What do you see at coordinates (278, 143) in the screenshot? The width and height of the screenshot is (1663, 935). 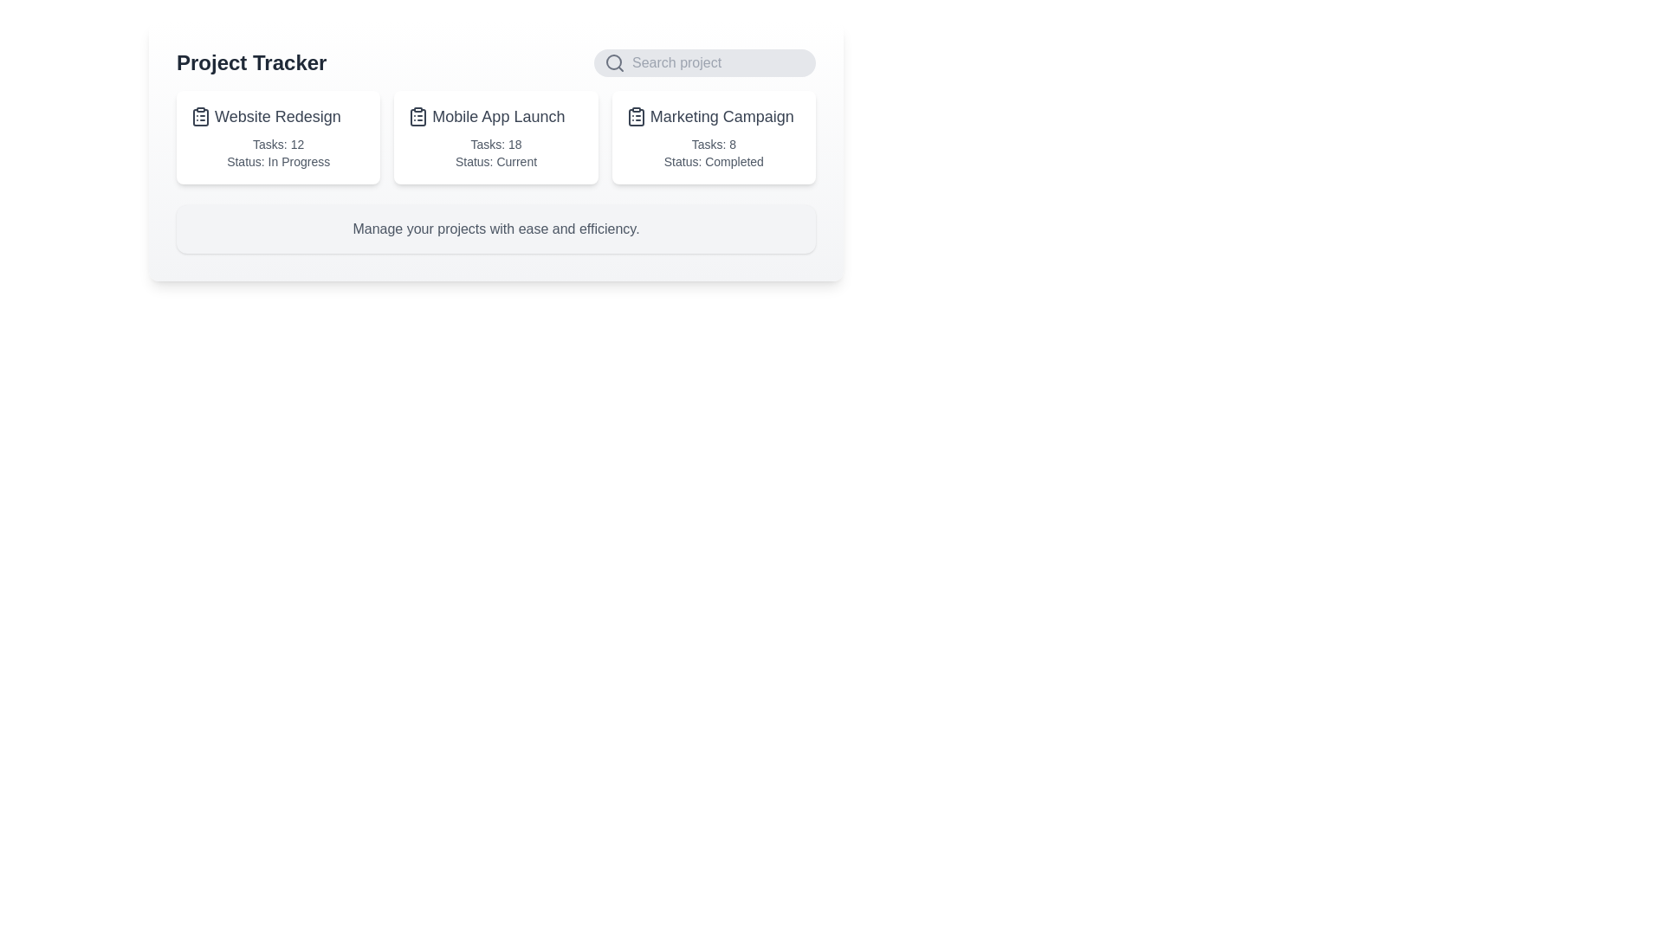 I see `the text label that indicates the number of tasks associated with the 'Website Redesign' project, which is positioned below the title text and above the 'Status: In Progress' indicator` at bounding box center [278, 143].